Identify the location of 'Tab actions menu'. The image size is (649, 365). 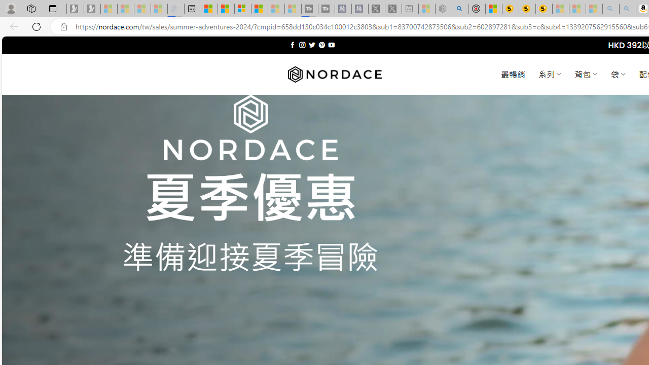
(52, 8).